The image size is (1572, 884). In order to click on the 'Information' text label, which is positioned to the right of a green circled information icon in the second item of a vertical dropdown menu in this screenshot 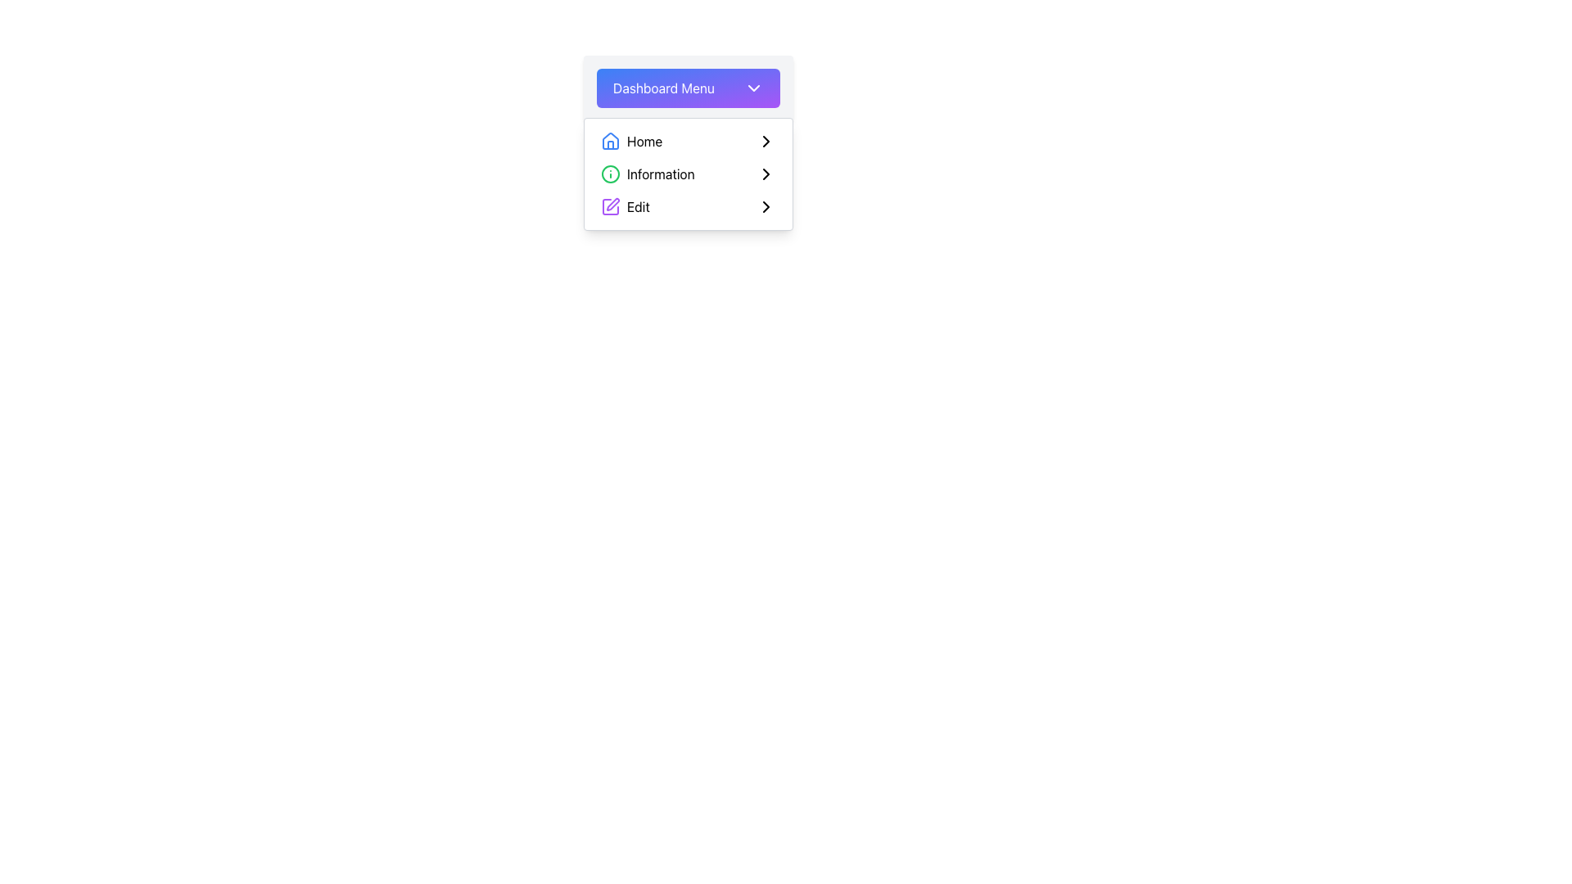, I will do `click(661, 174)`.